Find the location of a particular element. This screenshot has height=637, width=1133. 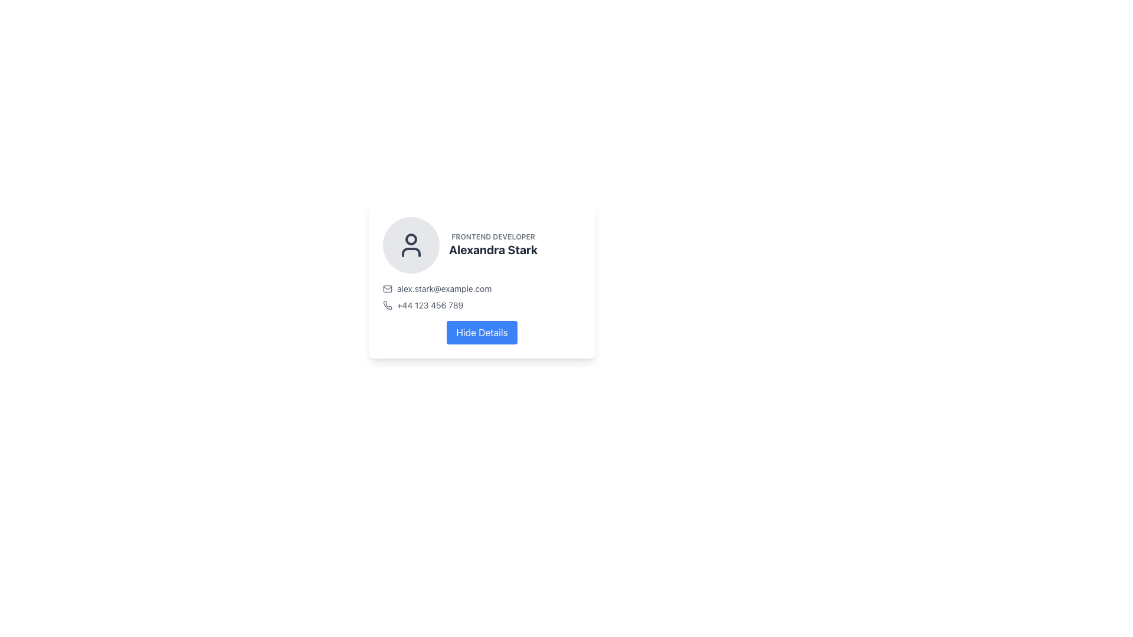

the 'Hide Details' button located at the bottom center of the card layout, which has a blue background and white text is located at coordinates (482, 332).